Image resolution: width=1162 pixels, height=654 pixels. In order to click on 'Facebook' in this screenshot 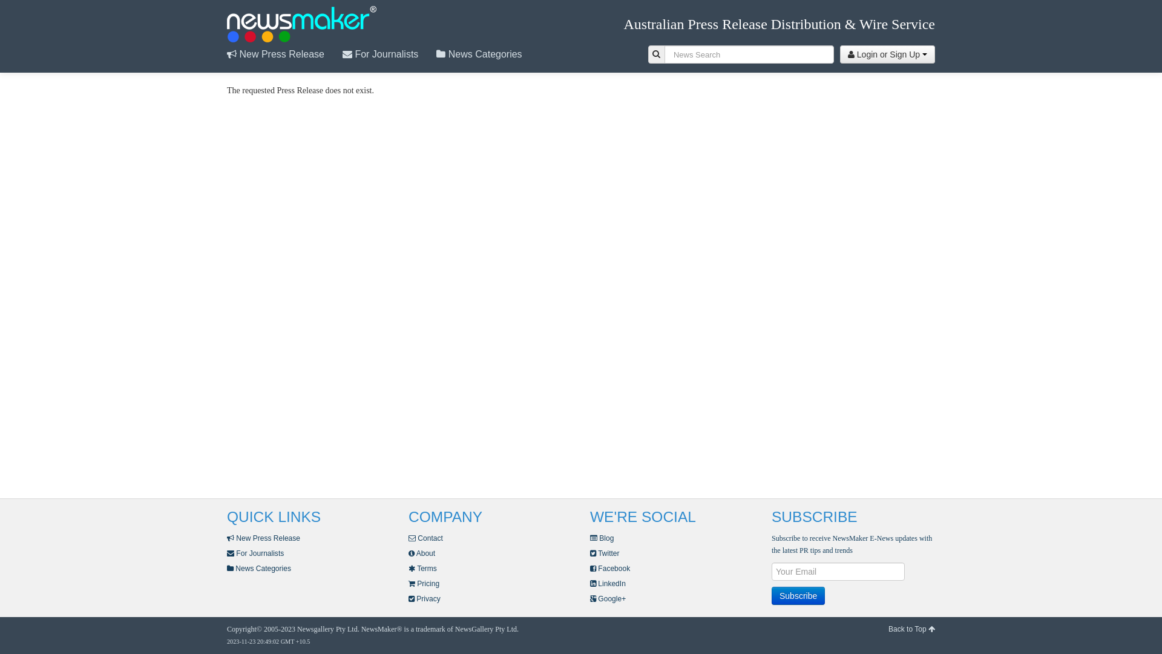, I will do `click(610, 568)`.